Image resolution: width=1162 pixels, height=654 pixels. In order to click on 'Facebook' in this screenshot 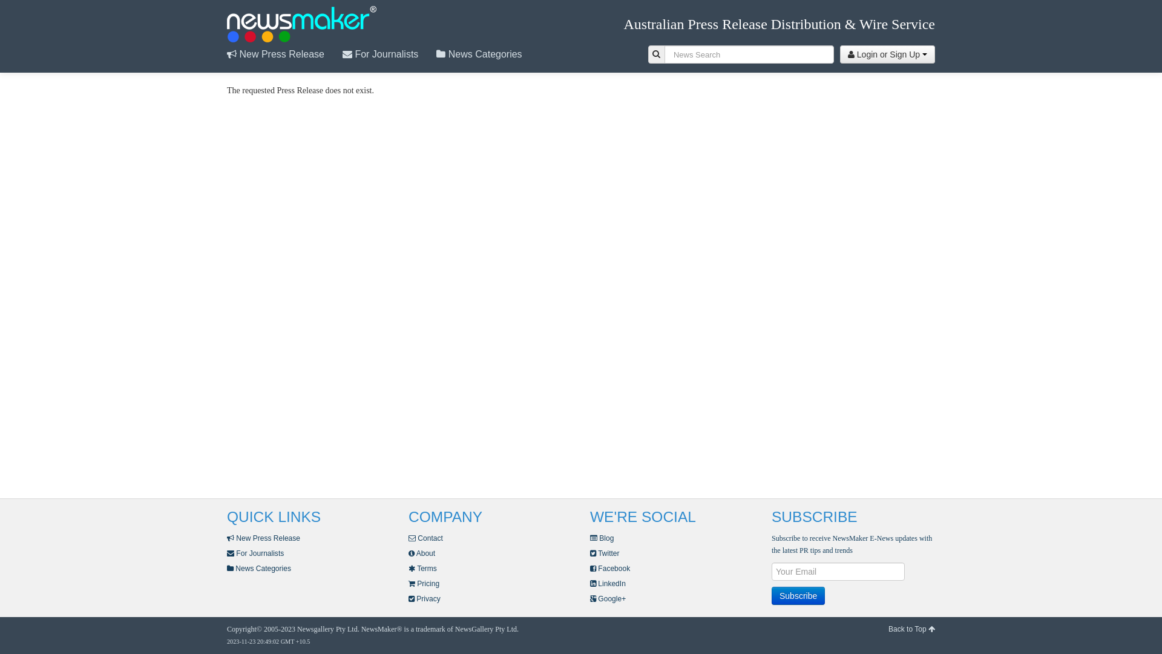, I will do `click(610, 568)`.